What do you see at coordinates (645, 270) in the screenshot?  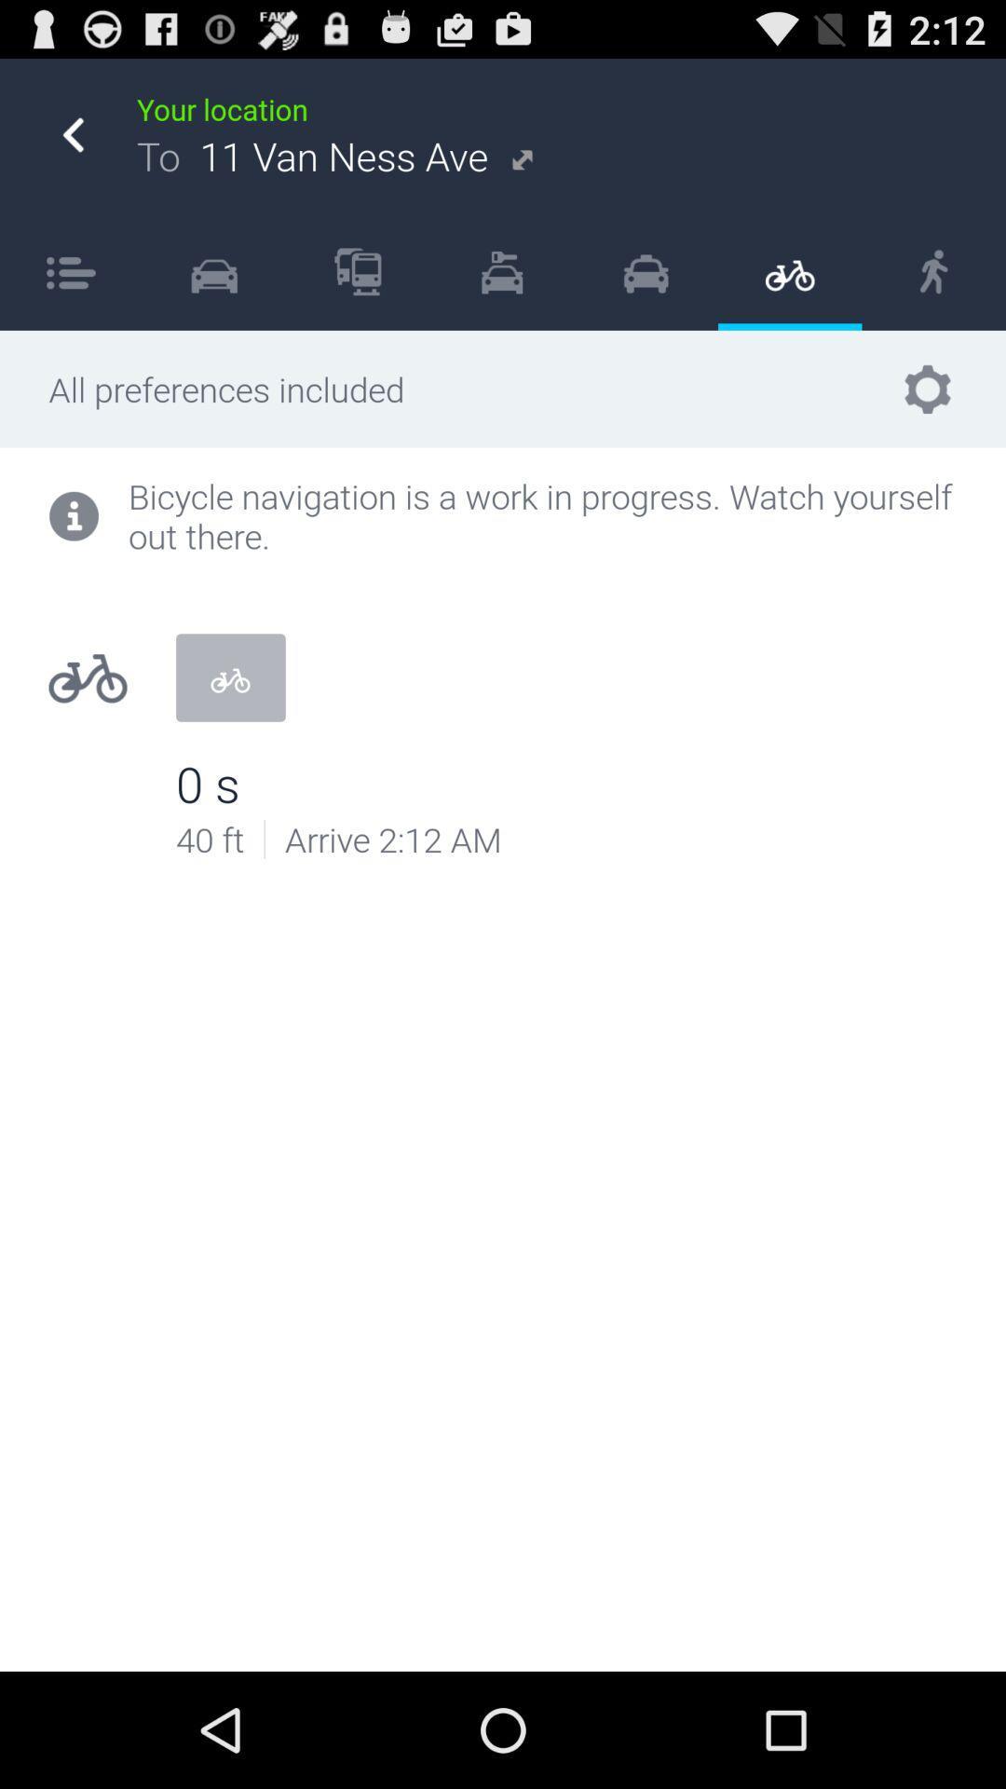 I see `the icon next to   item` at bounding box center [645, 270].